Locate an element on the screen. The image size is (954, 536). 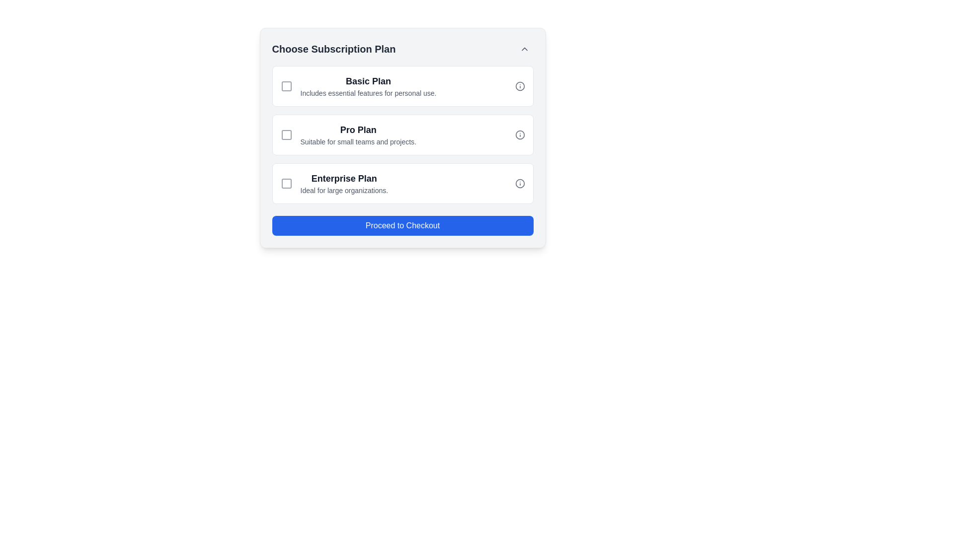
on the triangular-shaped upward chevron icon button located at the top right corner of the main section, adjacent is located at coordinates (524, 49).